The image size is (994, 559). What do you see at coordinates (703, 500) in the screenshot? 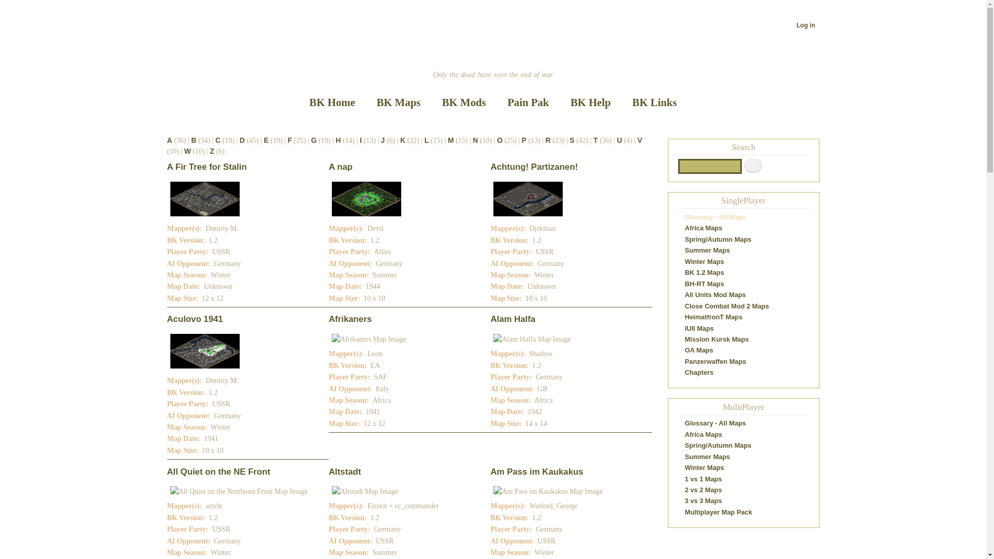
I see `'3 vs 3 Maps'` at bounding box center [703, 500].